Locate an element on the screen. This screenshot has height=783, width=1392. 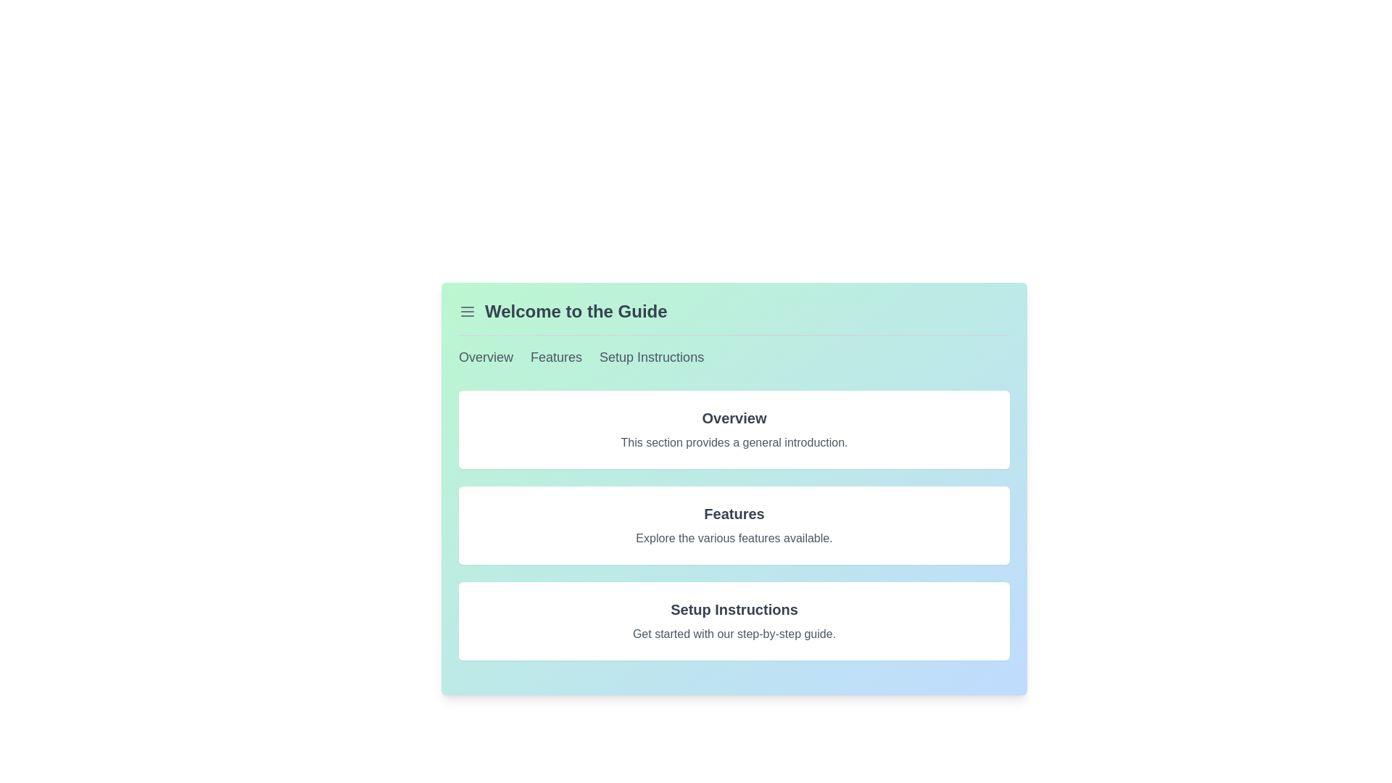
the 'Overview' text link in the horizontal navigation bar is located at coordinates (486, 357).